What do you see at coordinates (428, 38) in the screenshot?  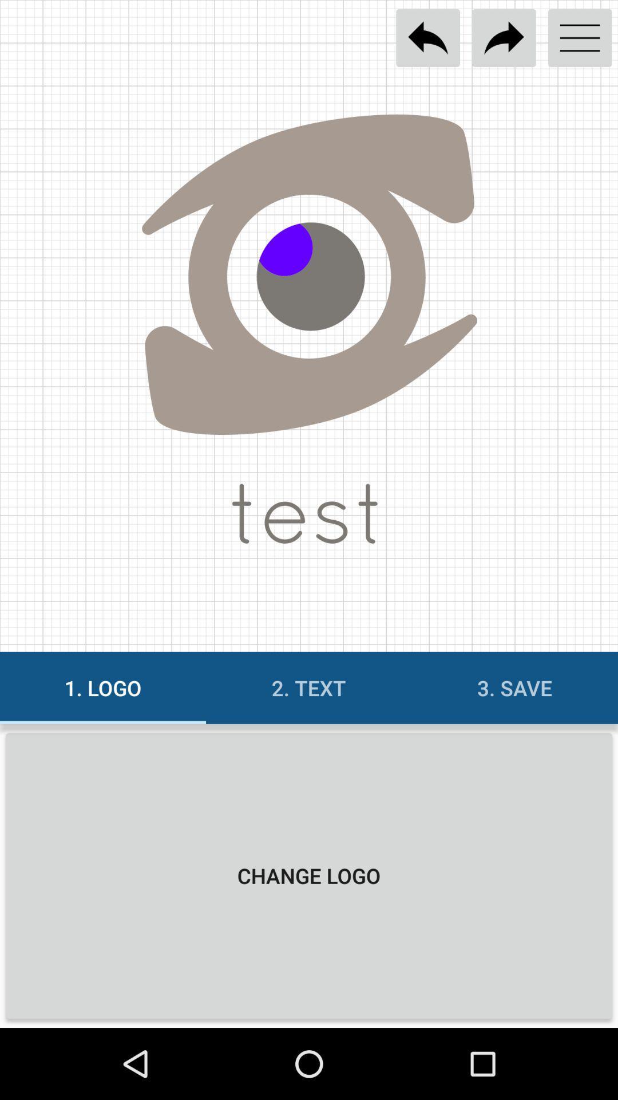 I see `go back` at bounding box center [428, 38].